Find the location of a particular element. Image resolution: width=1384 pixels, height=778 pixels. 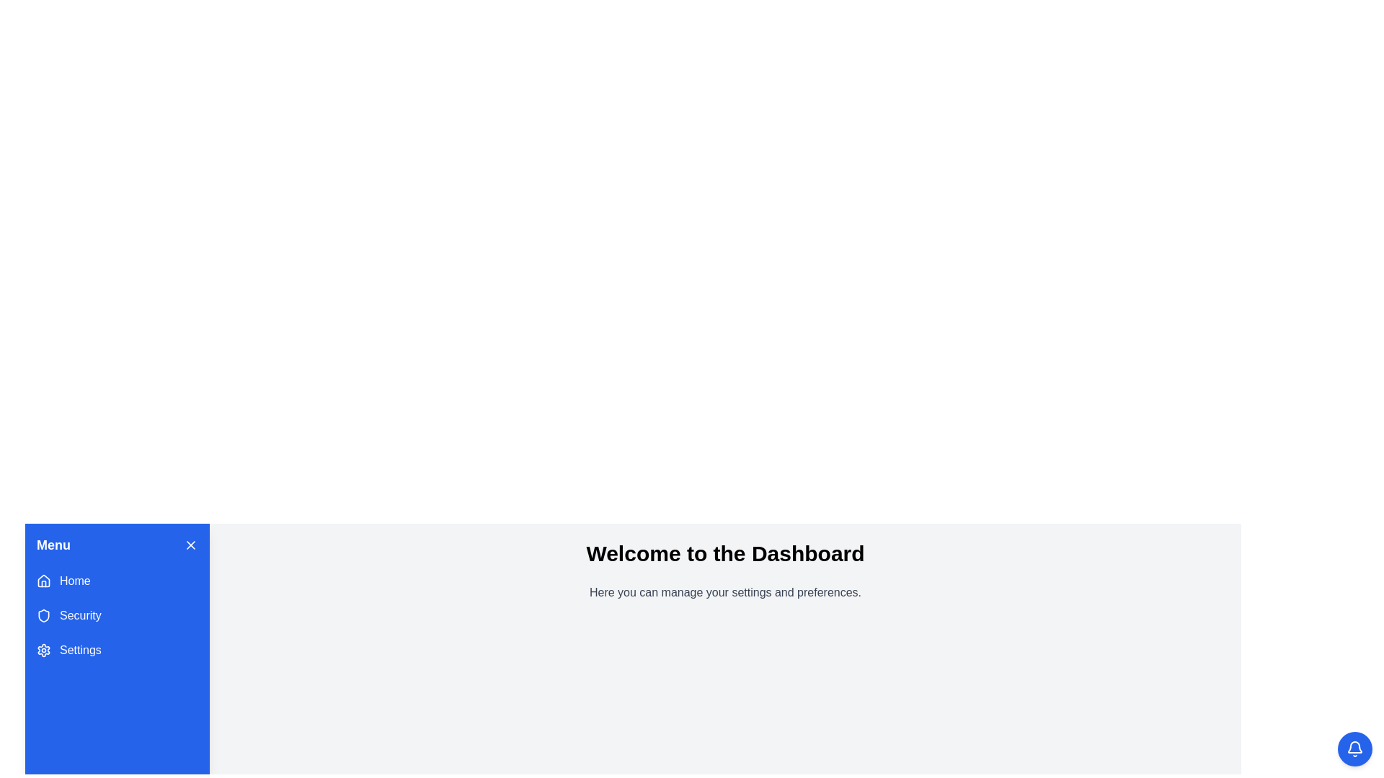

the 'Home' icon located at the top of the vertical menu options on the left, next to the 'Home' text label is located at coordinates (44, 580).